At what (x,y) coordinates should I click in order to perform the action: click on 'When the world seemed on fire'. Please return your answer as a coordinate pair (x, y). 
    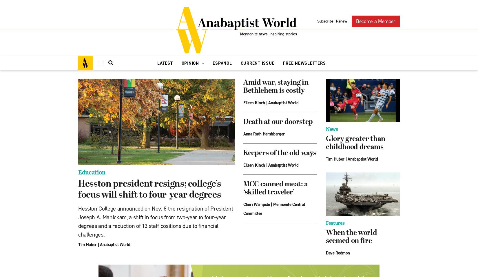
    Looking at the image, I should click on (351, 237).